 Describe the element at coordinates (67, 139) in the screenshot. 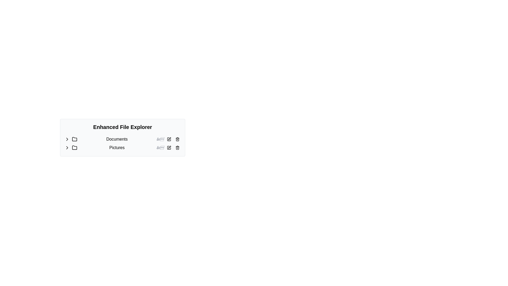

I see `the right-pointing chevron icon located in the navigation section` at that location.